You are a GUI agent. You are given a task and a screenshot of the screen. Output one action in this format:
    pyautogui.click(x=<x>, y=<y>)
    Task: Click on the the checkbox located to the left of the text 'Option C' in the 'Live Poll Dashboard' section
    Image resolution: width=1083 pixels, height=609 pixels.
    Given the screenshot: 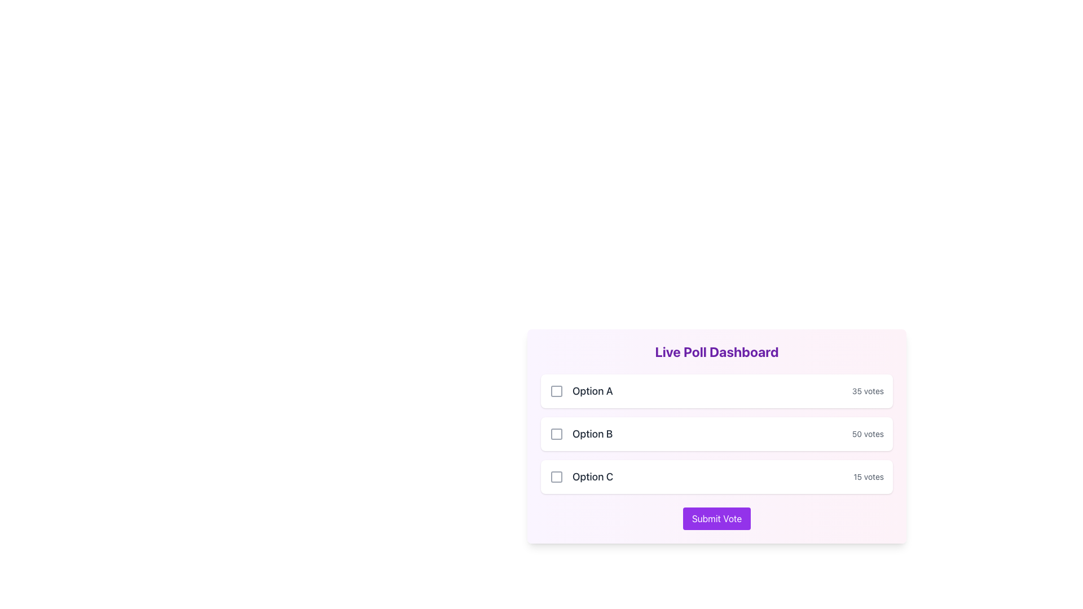 What is the action you would take?
    pyautogui.click(x=557, y=476)
    